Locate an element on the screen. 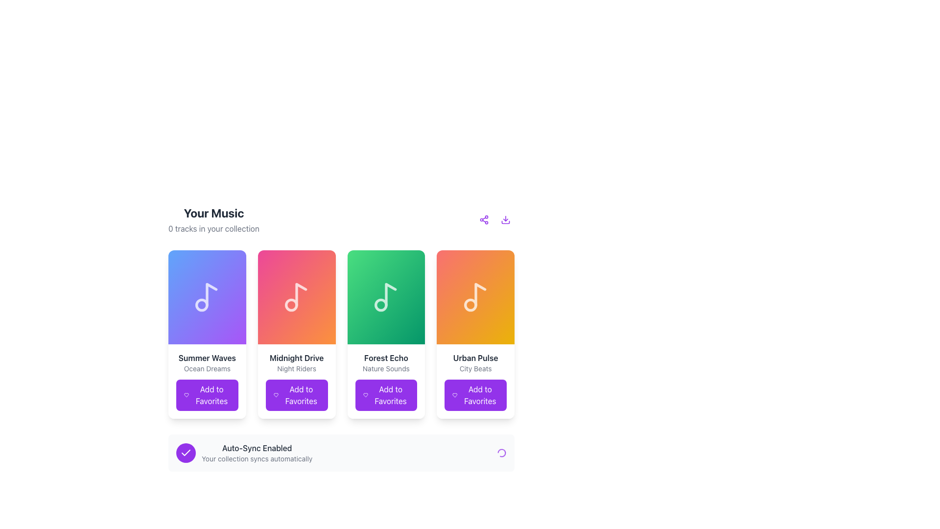 Image resolution: width=940 pixels, height=529 pixels. the SVG-based musical note icon located centrally within the first music card on the leftmost side of the interface is located at coordinates (207, 296).